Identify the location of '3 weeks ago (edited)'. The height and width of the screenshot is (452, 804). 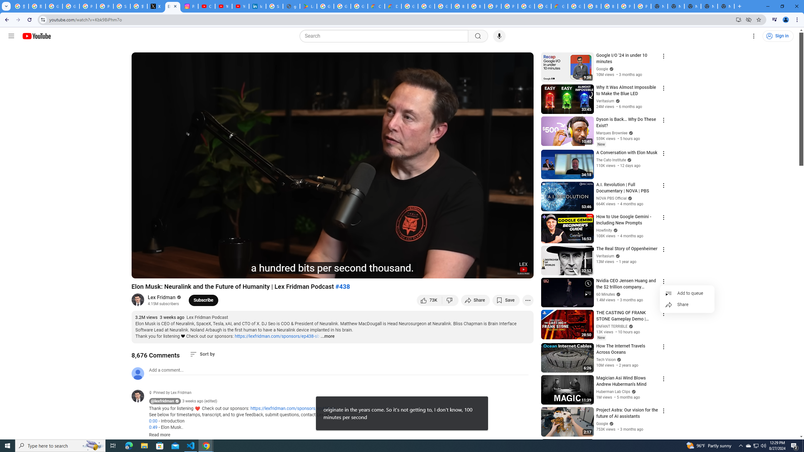
(199, 401).